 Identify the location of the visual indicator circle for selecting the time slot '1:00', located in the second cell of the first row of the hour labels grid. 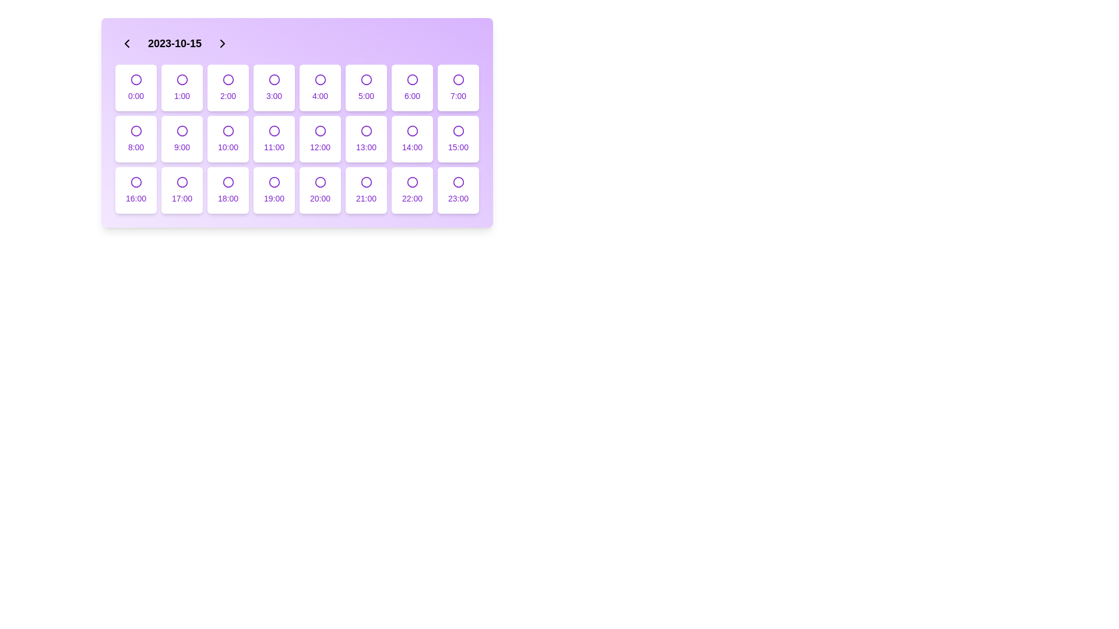
(181, 79).